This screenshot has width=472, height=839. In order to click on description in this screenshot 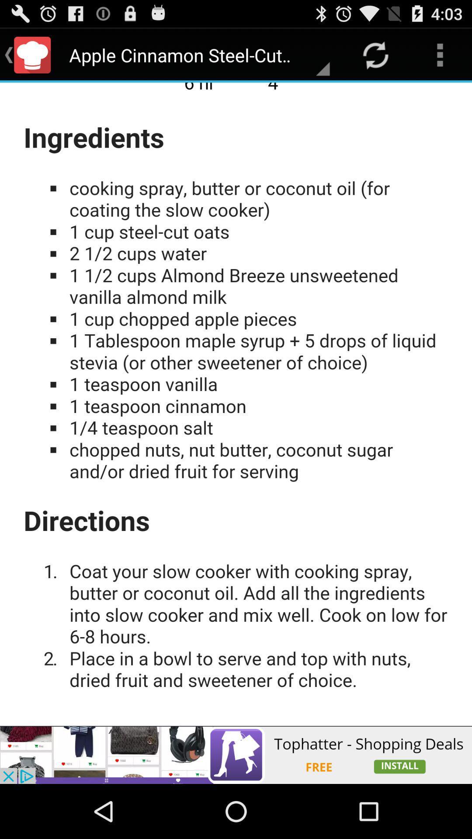, I will do `click(236, 404)`.